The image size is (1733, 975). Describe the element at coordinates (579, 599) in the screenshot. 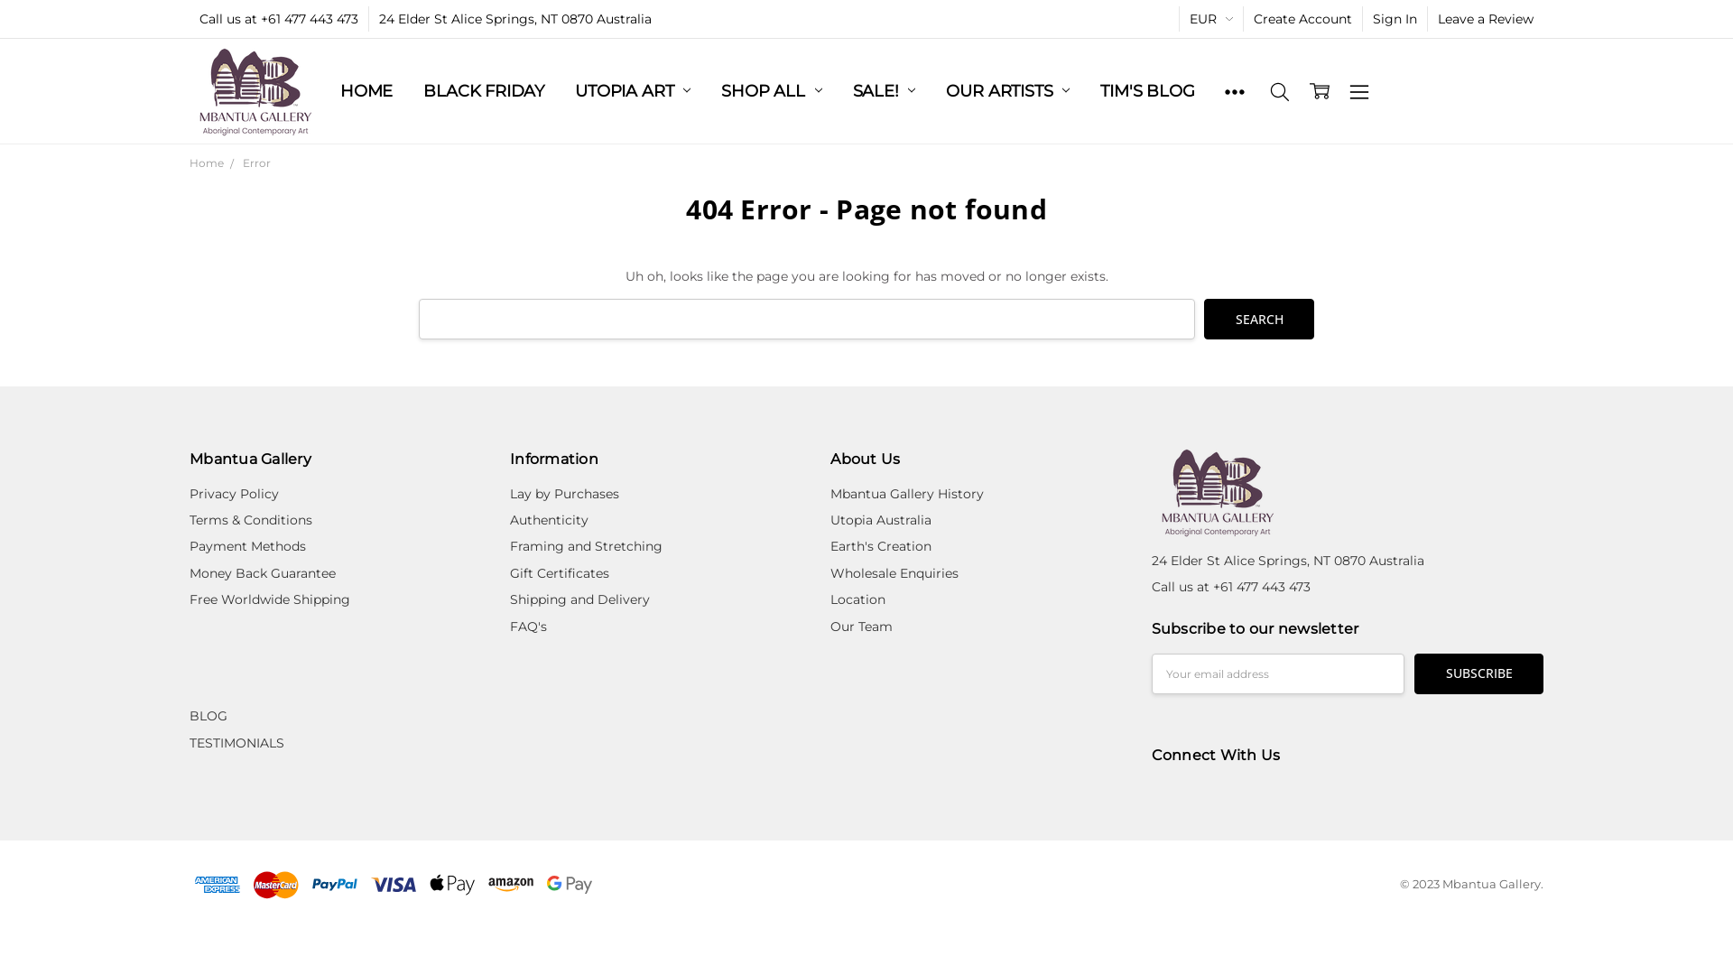

I see `'Shipping and Delivery'` at that location.